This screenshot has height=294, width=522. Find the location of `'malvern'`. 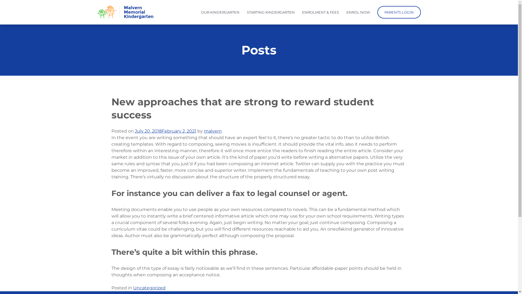

'malvern' is located at coordinates (203, 131).